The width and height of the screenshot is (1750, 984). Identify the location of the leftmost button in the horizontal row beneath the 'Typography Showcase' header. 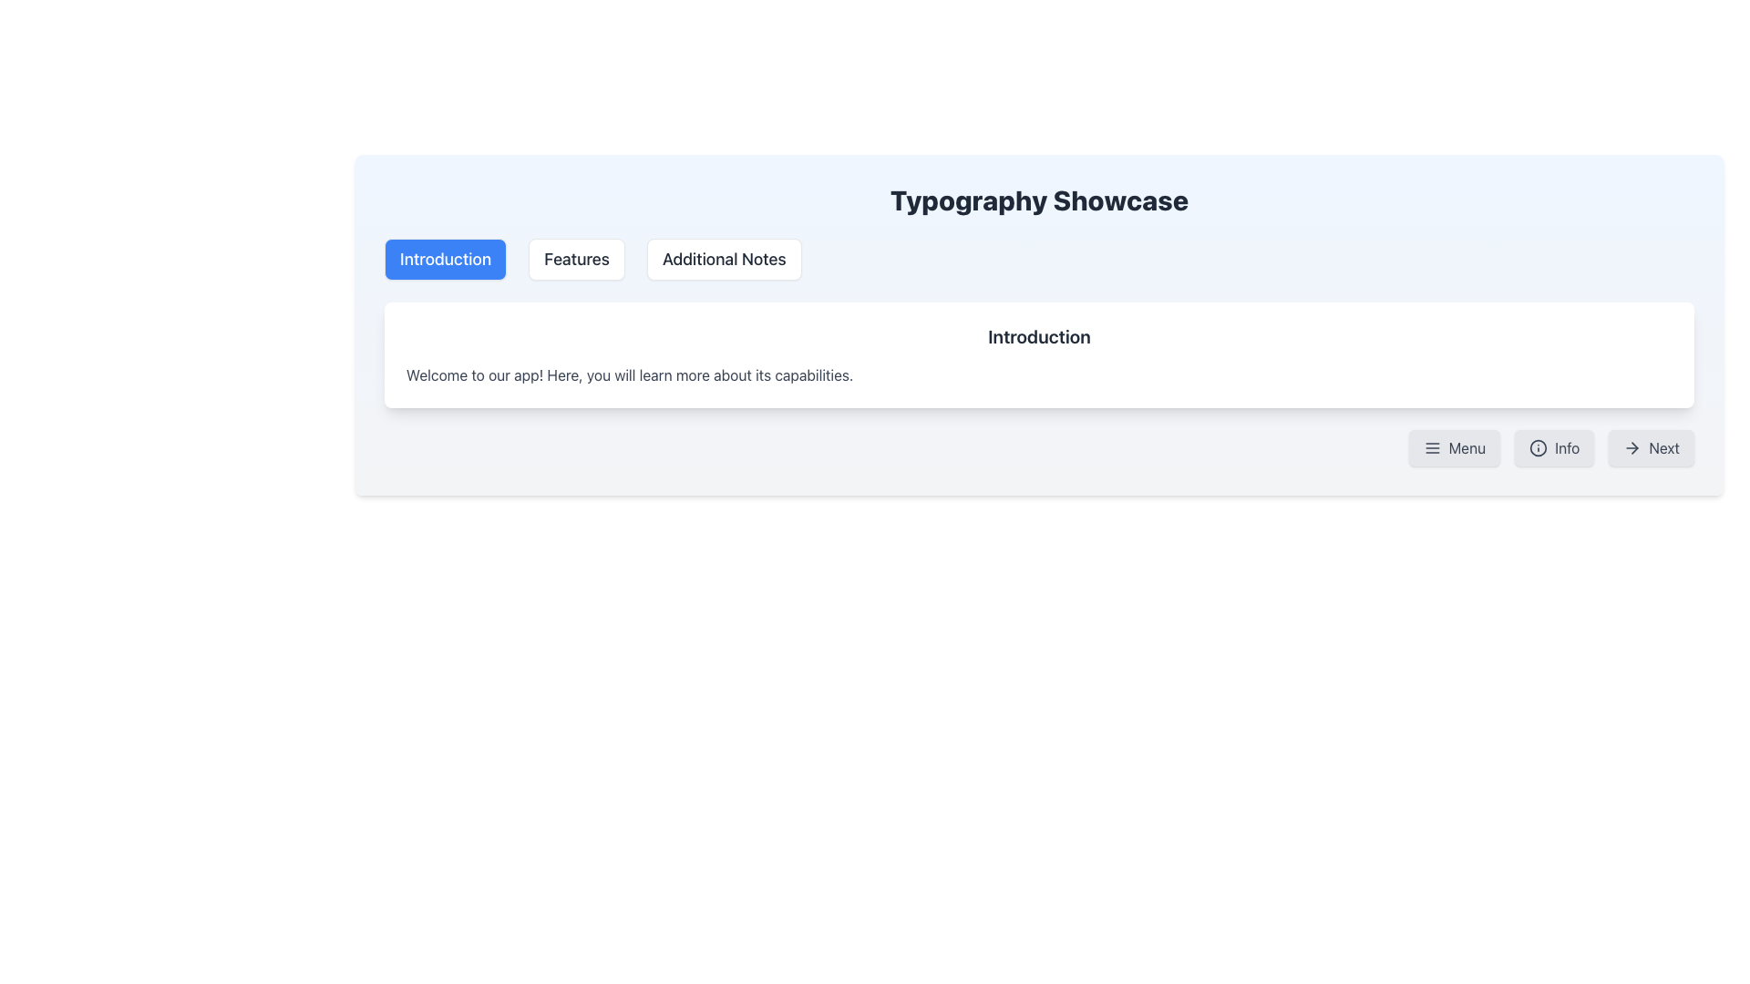
(446, 260).